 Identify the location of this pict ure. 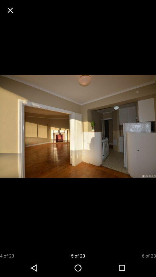
(10, 10).